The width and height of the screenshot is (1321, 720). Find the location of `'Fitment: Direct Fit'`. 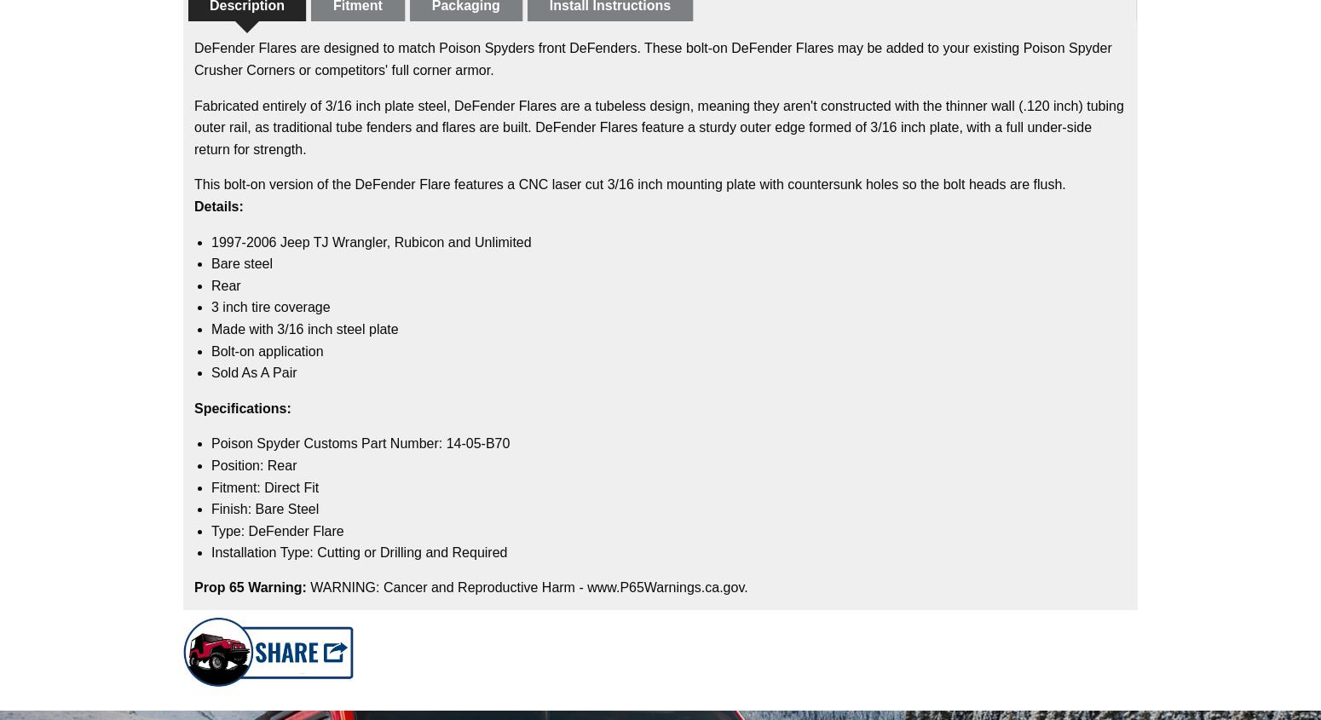

'Fitment: Direct Fit' is located at coordinates (264, 486).